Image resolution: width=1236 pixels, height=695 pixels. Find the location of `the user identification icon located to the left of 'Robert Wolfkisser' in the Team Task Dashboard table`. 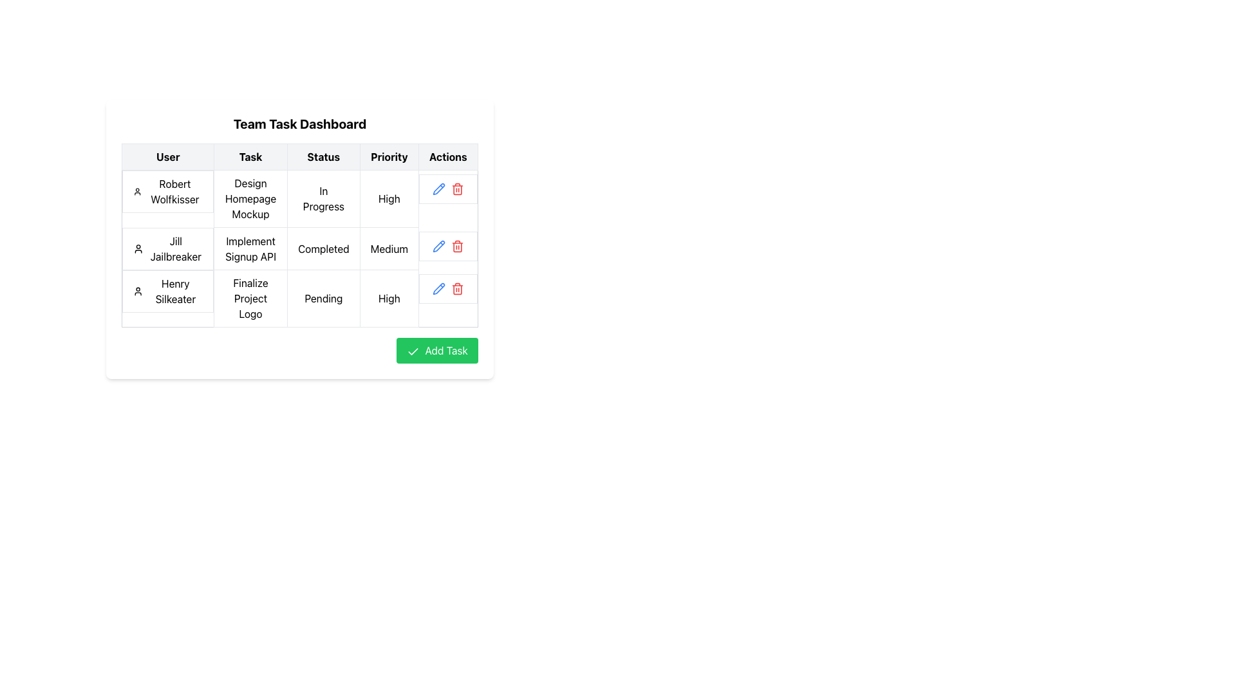

the user identification icon located to the left of 'Robert Wolfkisser' in the Team Task Dashboard table is located at coordinates (137, 191).